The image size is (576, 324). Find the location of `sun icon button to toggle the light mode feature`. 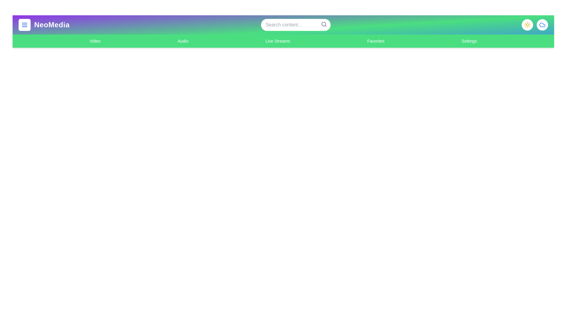

sun icon button to toggle the light mode feature is located at coordinates (527, 25).